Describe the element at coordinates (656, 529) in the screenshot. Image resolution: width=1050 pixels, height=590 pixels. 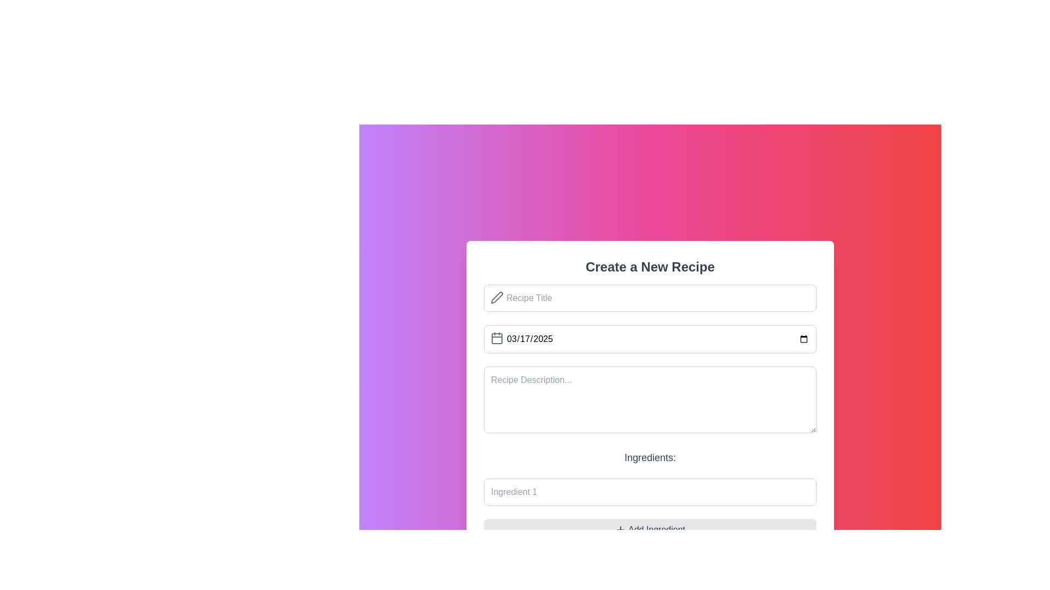
I see `the 'Add Ingredient' button by tabbing through the UI elements` at that location.